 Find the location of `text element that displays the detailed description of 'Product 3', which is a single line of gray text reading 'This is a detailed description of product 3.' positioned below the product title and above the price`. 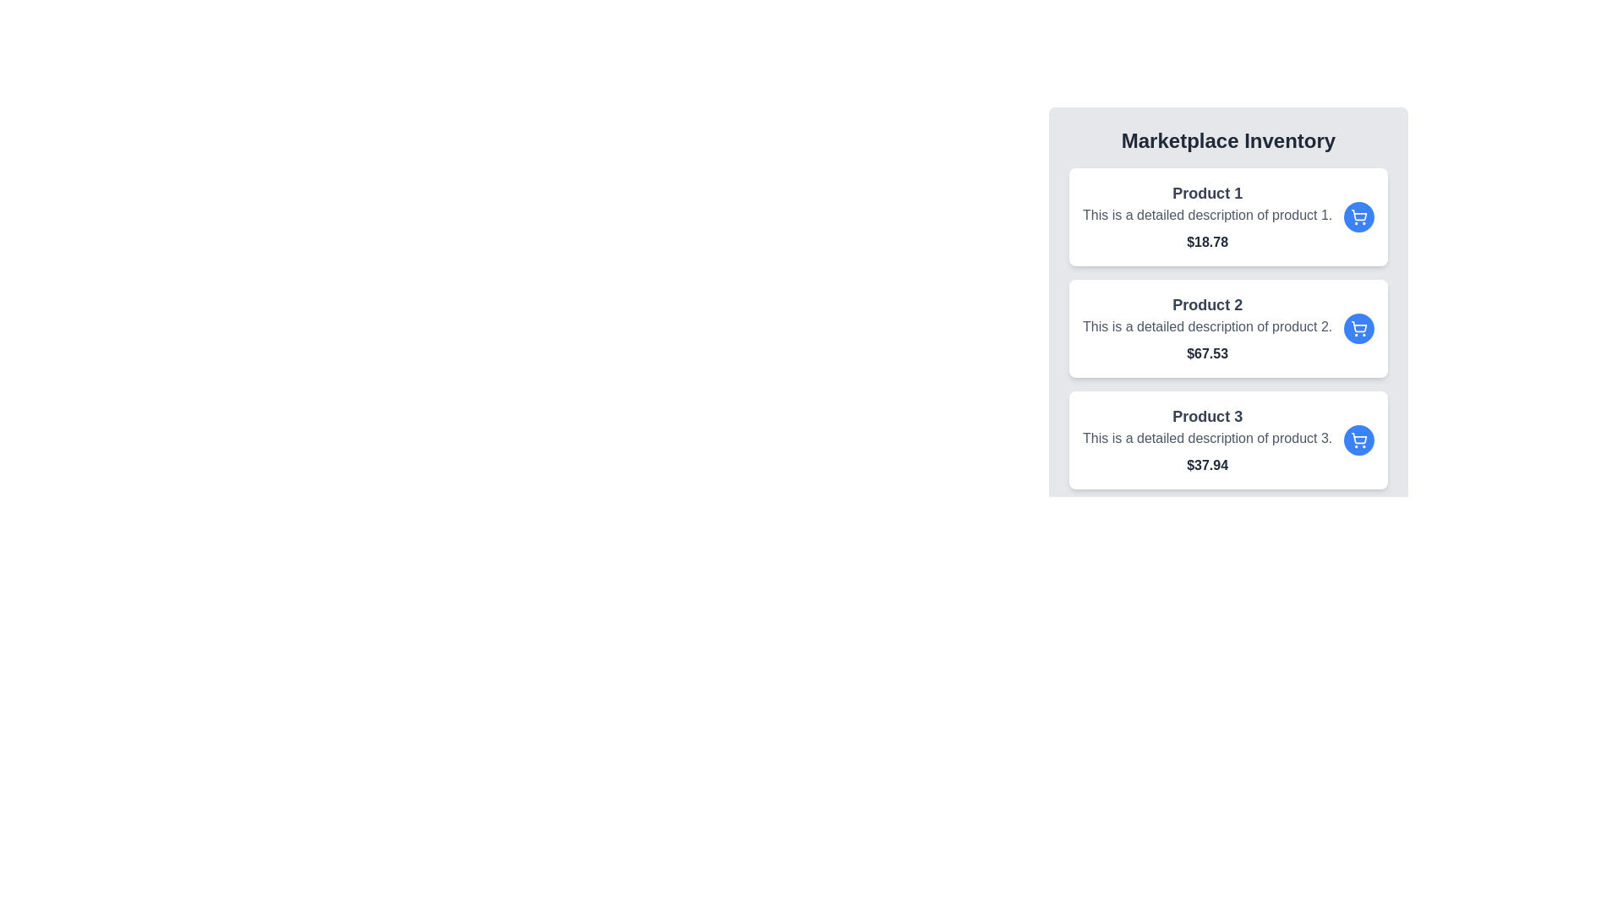

text element that displays the detailed description of 'Product 3', which is a single line of gray text reading 'This is a detailed description of product 3.' positioned below the product title and above the price is located at coordinates (1206, 438).